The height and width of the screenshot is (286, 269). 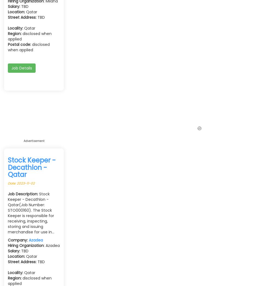 I want to click on ': Azadea', so click(x=52, y=245).